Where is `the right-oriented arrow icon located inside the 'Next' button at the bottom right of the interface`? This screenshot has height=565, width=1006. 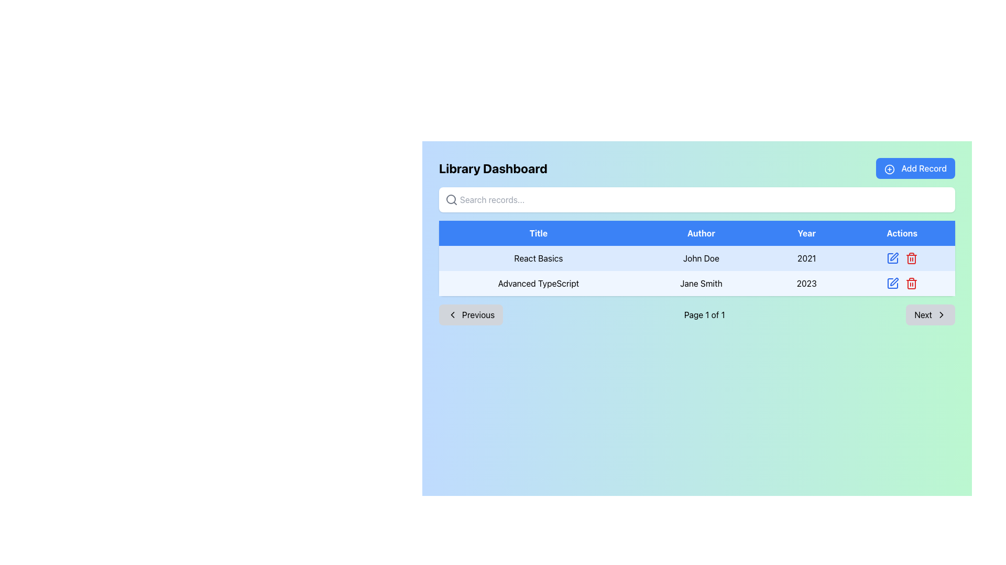 the right-oriented arrow icon located inside the 'Next' button at the bottom right of the interface is located at coordinates (941, 314).